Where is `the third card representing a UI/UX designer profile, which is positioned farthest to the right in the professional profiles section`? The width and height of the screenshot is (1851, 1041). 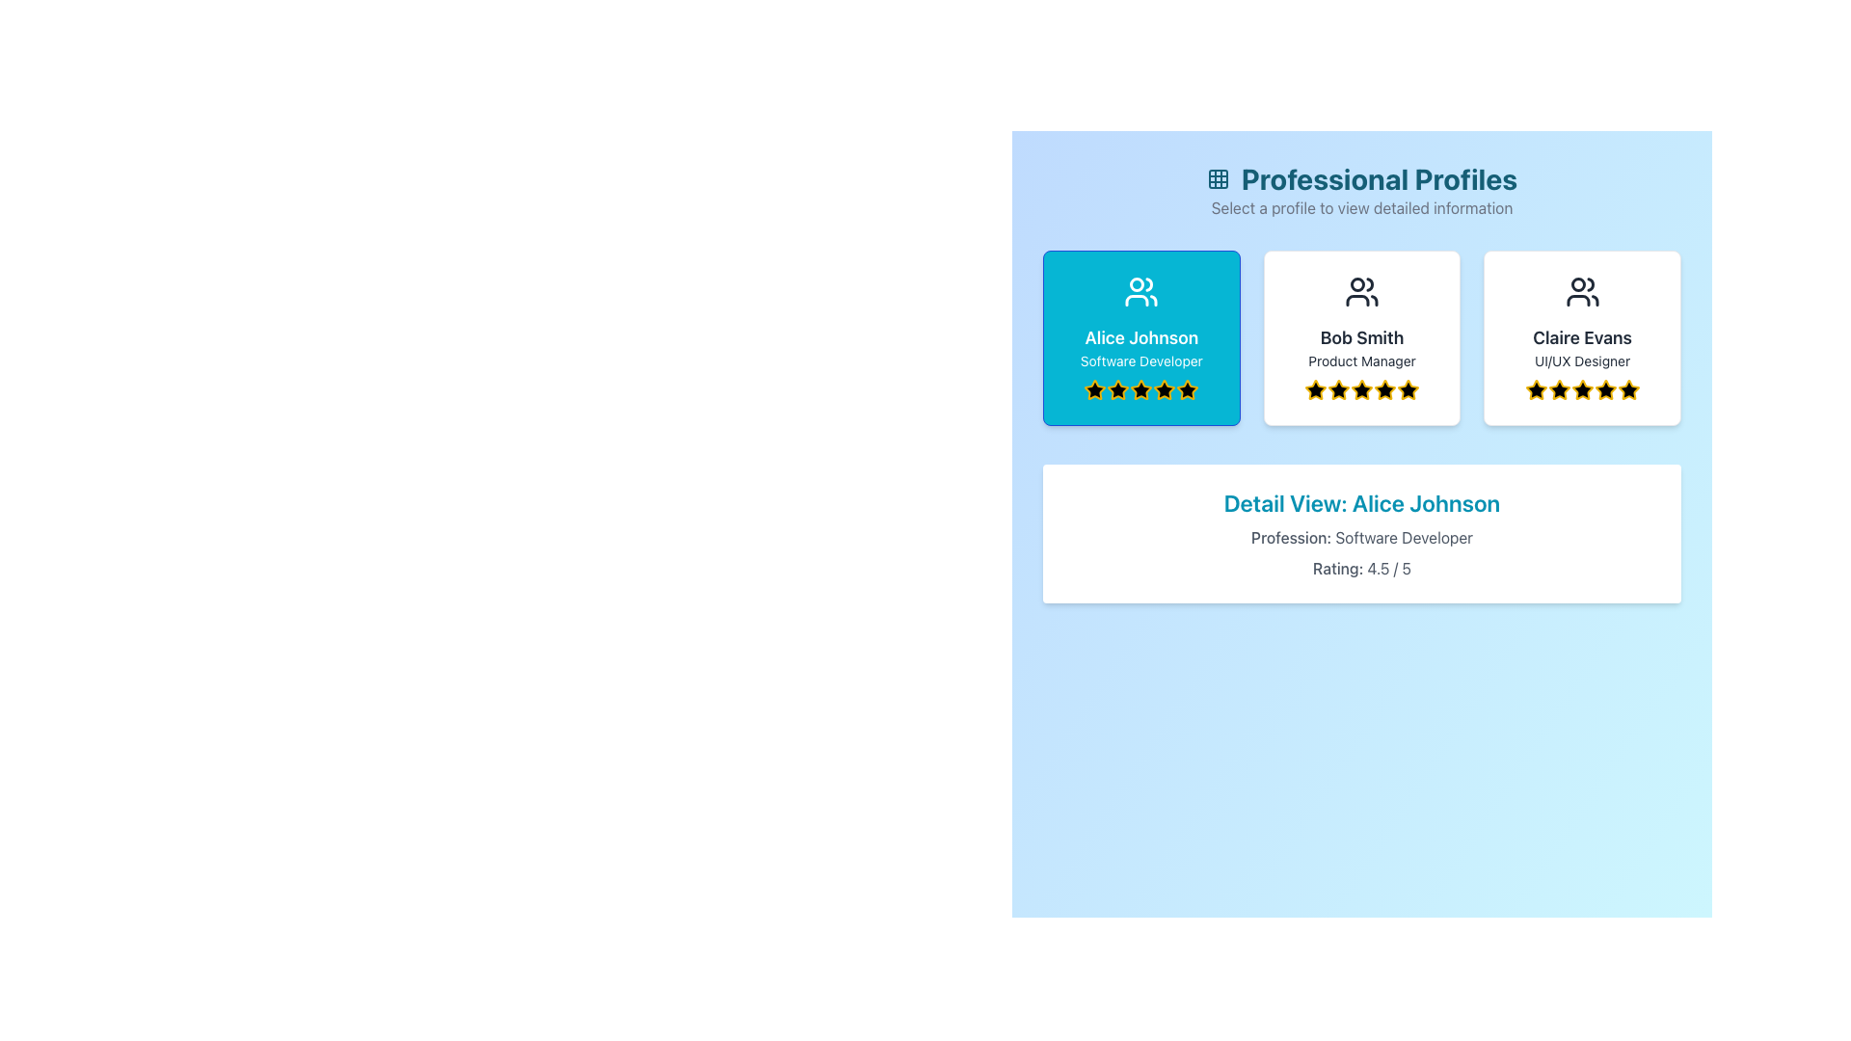
the third card representing a UI/UX designer profile, which is positioned farthest to the right in the professional profiles section is located at coordinates (1582, 337).